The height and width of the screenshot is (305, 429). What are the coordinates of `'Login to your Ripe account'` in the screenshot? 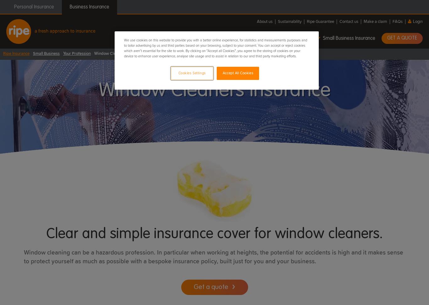 It's located at (389, 91).